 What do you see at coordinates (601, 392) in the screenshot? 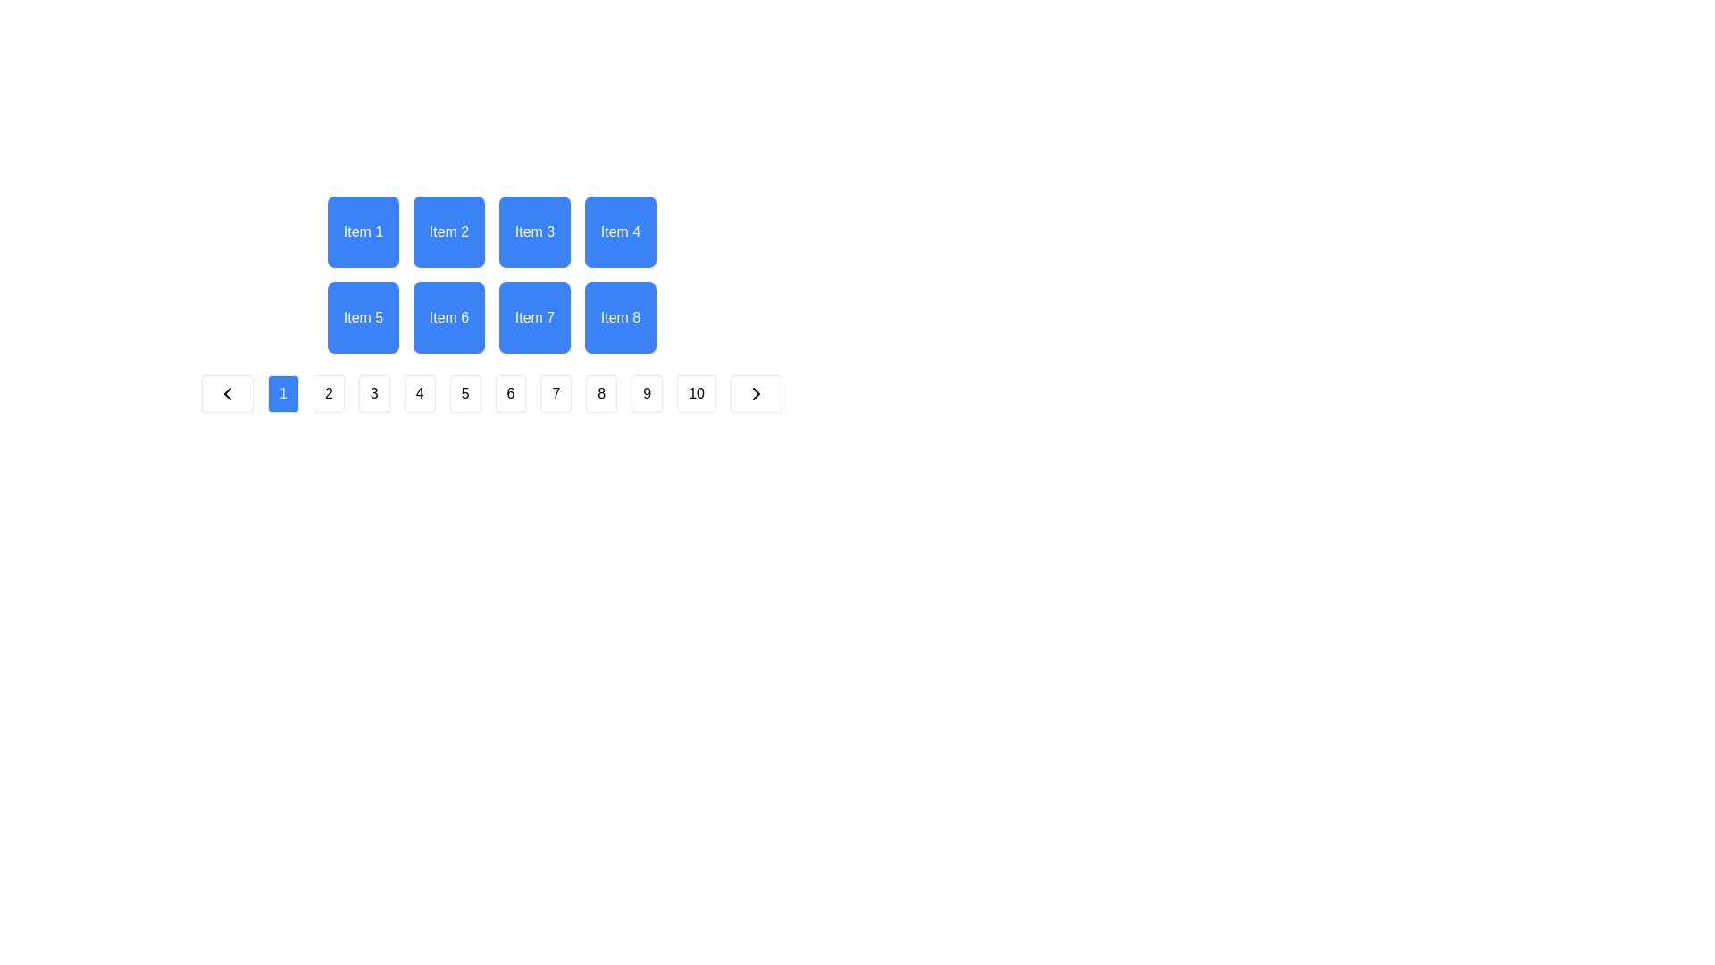
I see `the eighth pagination button located between the buttons labeled '7' and '9'` at bounding box center [601, 392].